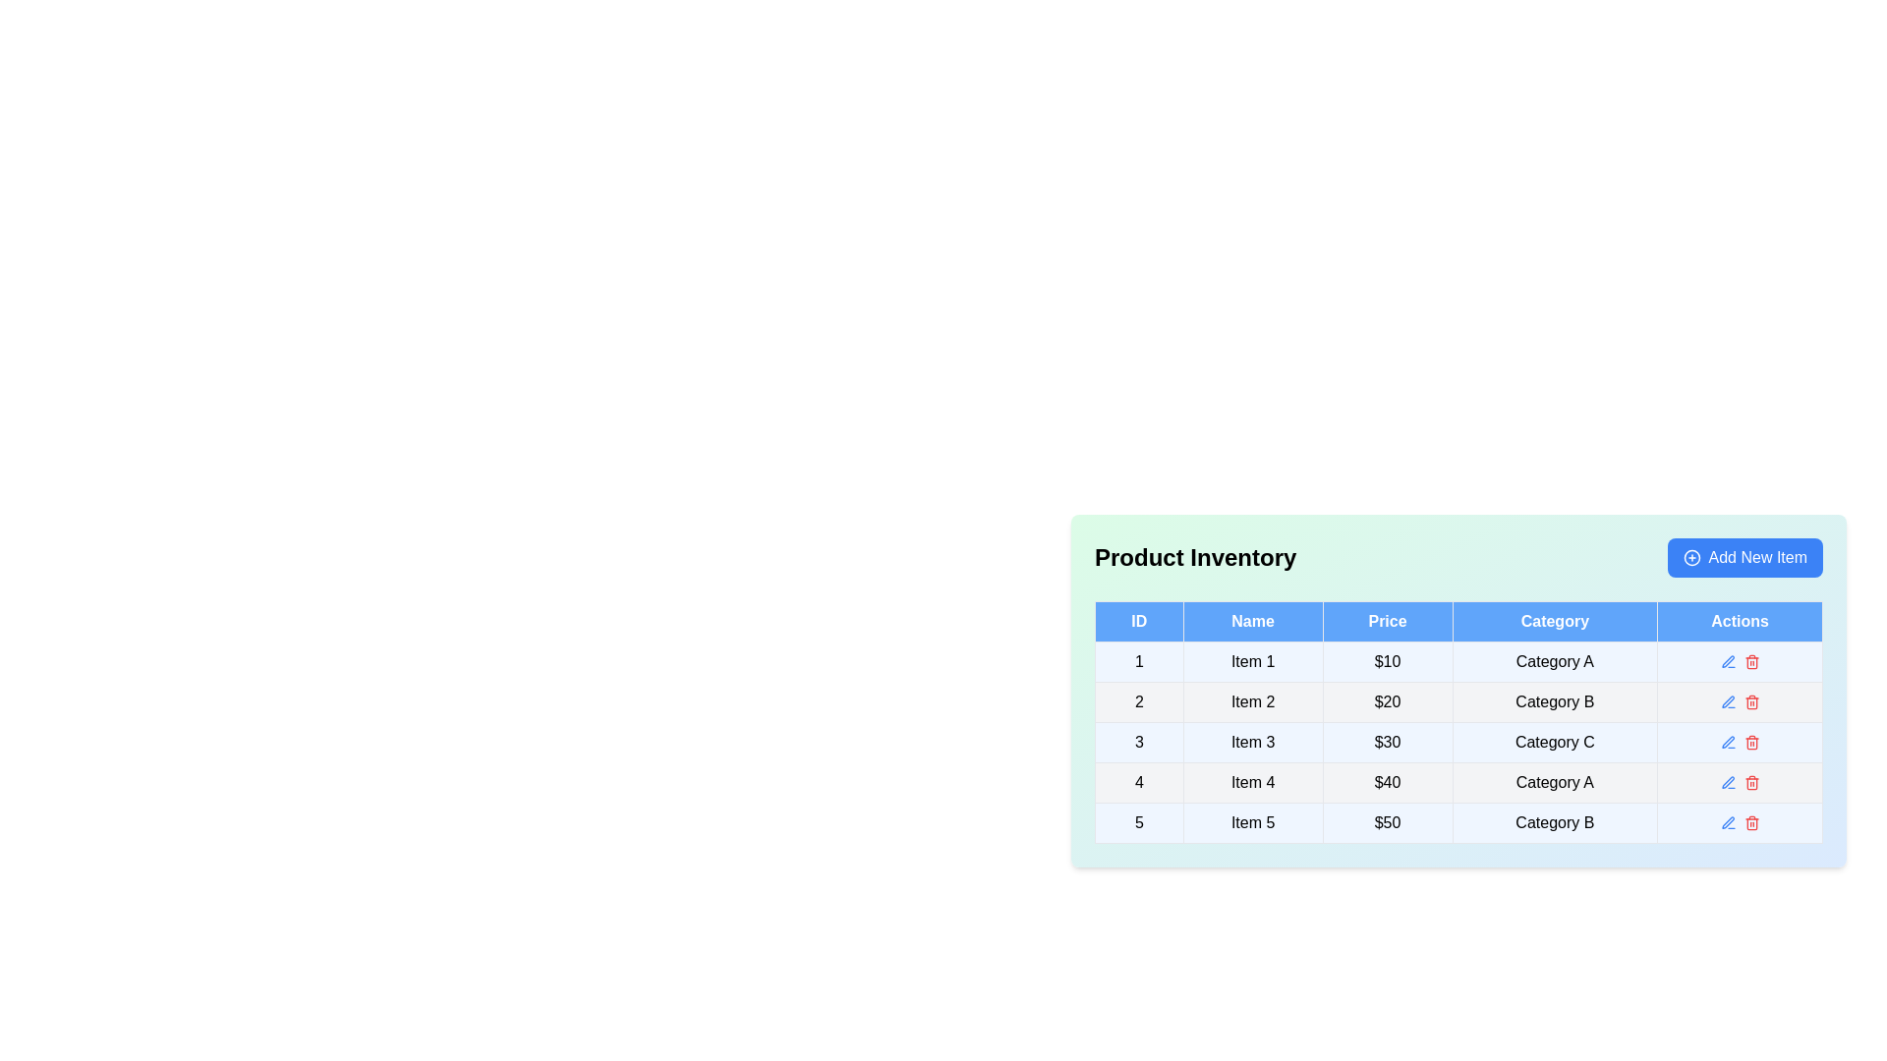  I want to click on the red trash bin icon in the Actions column of the second row, so click(1751, 700).